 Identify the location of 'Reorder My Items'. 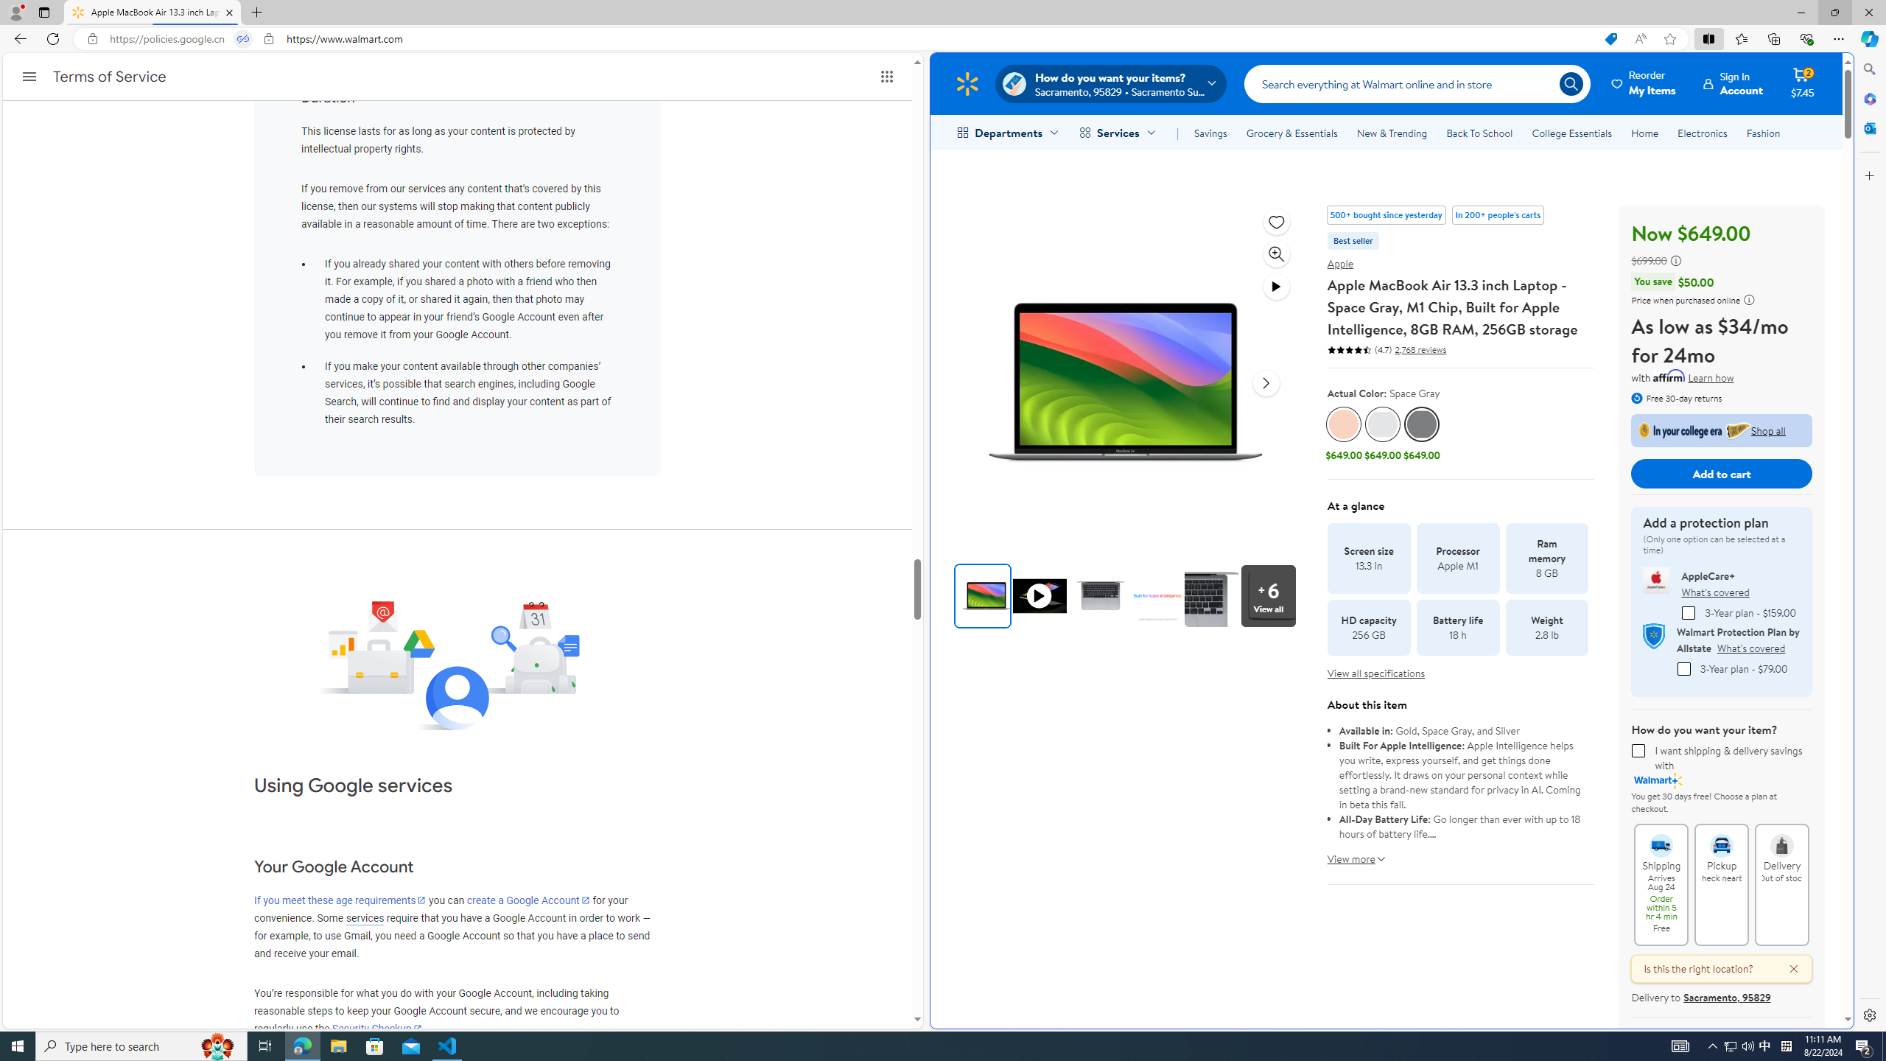
(1644, 83).